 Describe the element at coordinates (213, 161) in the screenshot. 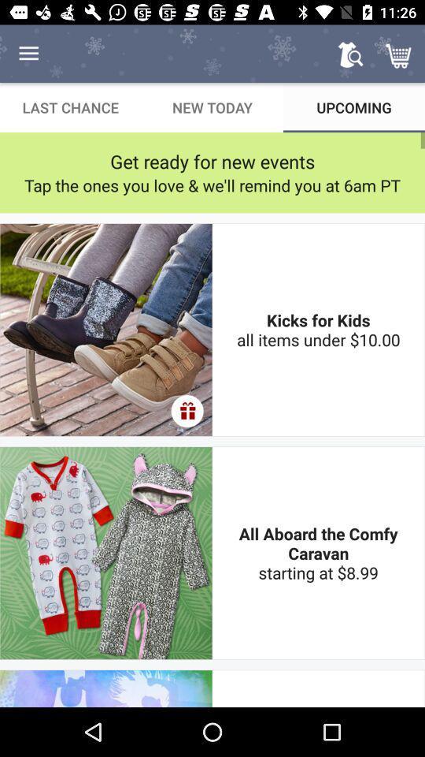

I see `icon above the tap the ones item` at that location.